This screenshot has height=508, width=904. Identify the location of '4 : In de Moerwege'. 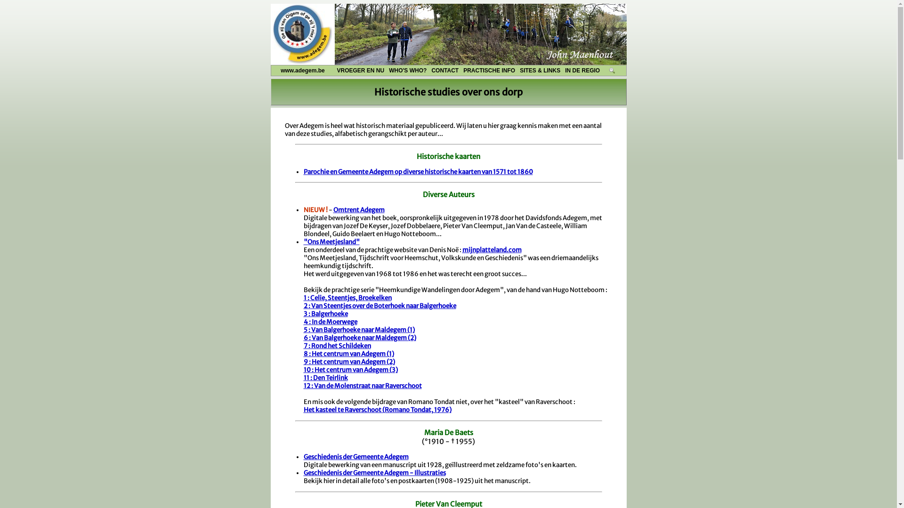
(330, 321).